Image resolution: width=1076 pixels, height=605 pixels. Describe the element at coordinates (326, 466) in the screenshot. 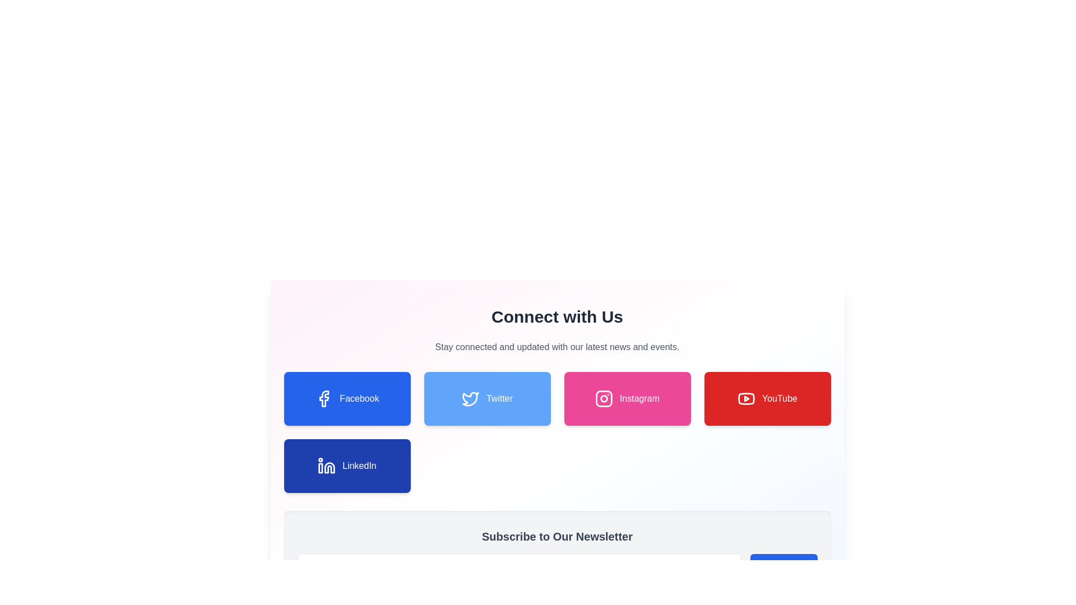

I see `the LinkedIn icon, which is a blue square with a white 'in' logo, located above the text 'LinkedIn' on a blue rectangular button in the second row of the grid layout` at that location.